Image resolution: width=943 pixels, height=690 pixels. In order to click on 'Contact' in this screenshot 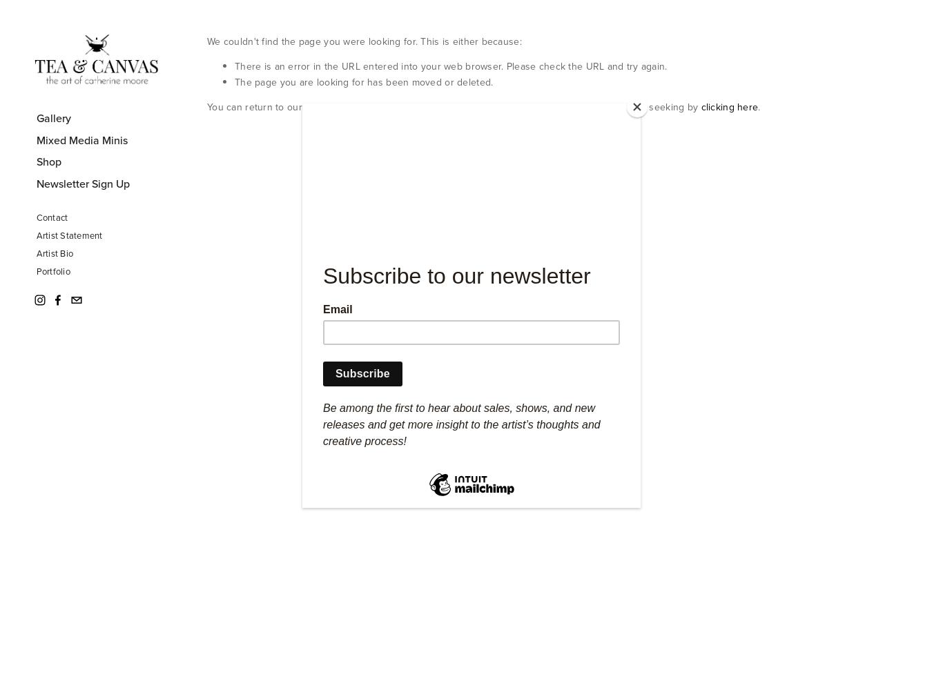, I will do `click(51, 216)`.